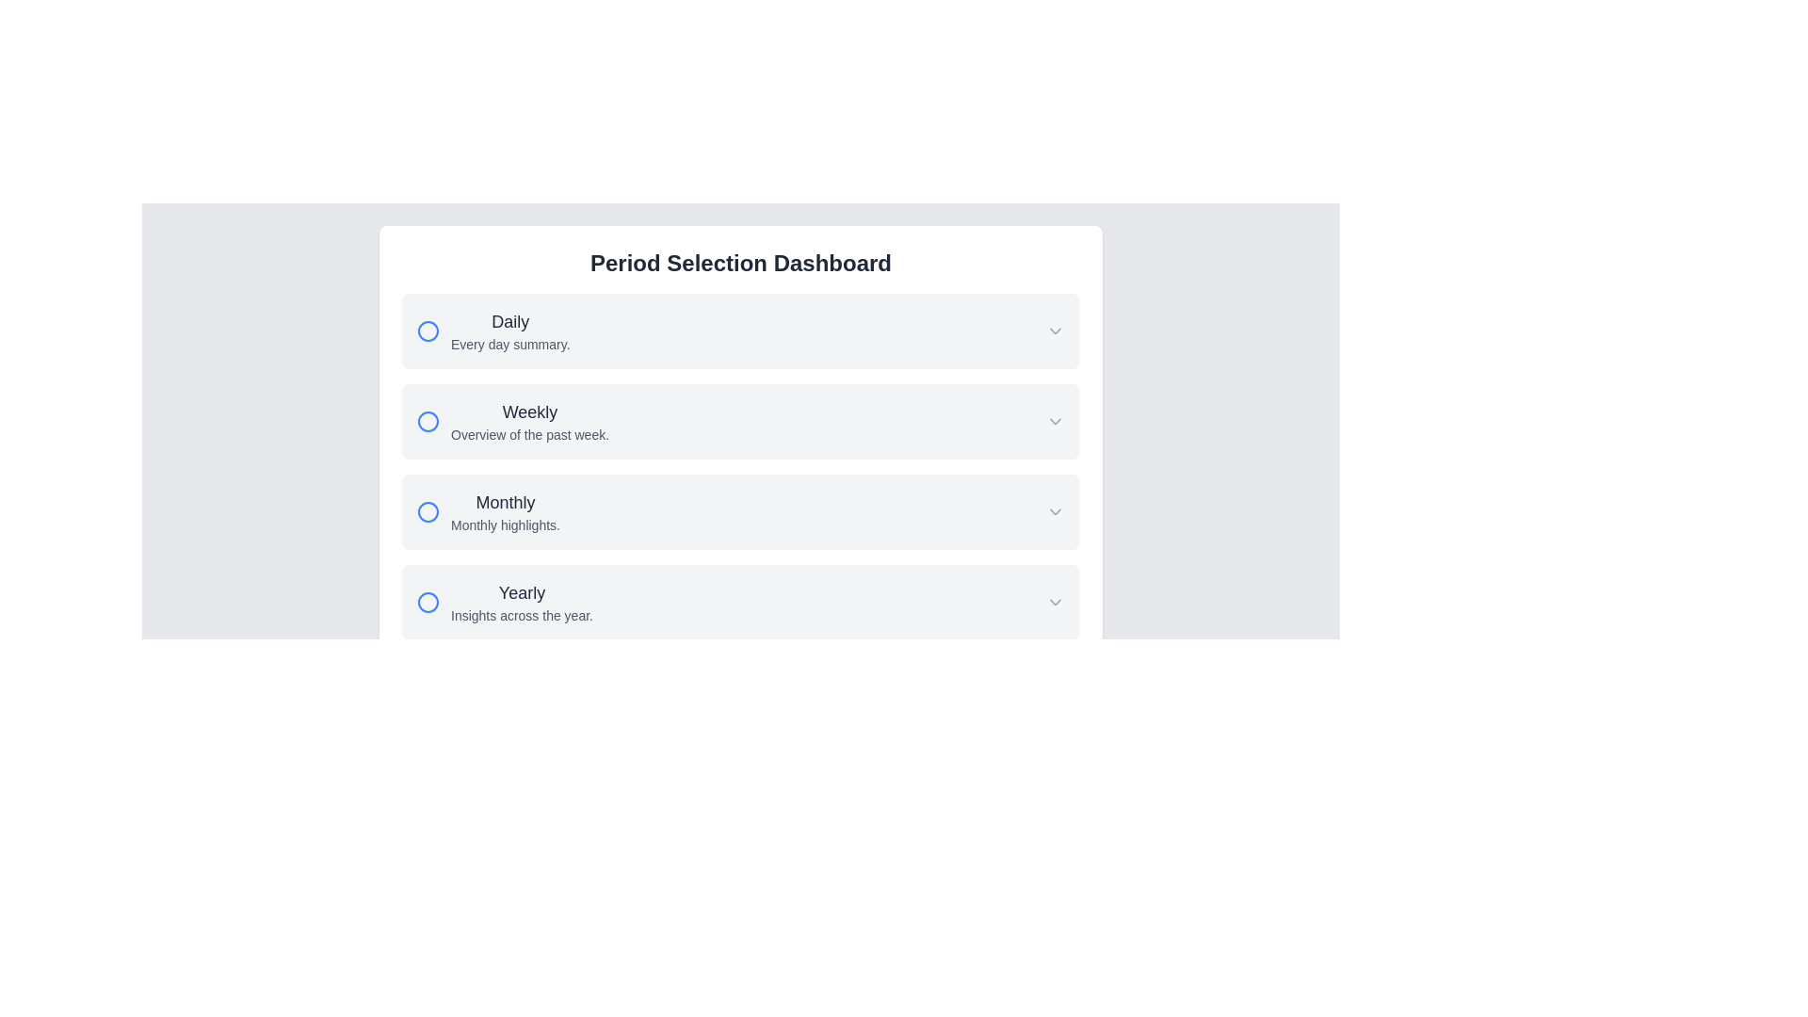 The width and height of the screenshot is (1808, 1017). Describe the element at coordinates (1056, 330) in the screenshot. I see `the dropdown indicator icon located at the extreme right of the 'Daily' option` at that location.